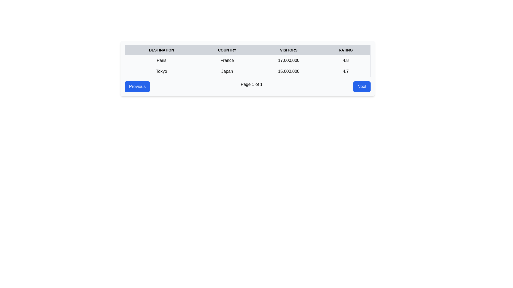 This screenshot has height=288, width=513. Describe the element at coordinates (288, 71) in the screenshot. I see `the static text display showing '15,000,000' under the 'VISITORS' header in the tabular layout` at that location.